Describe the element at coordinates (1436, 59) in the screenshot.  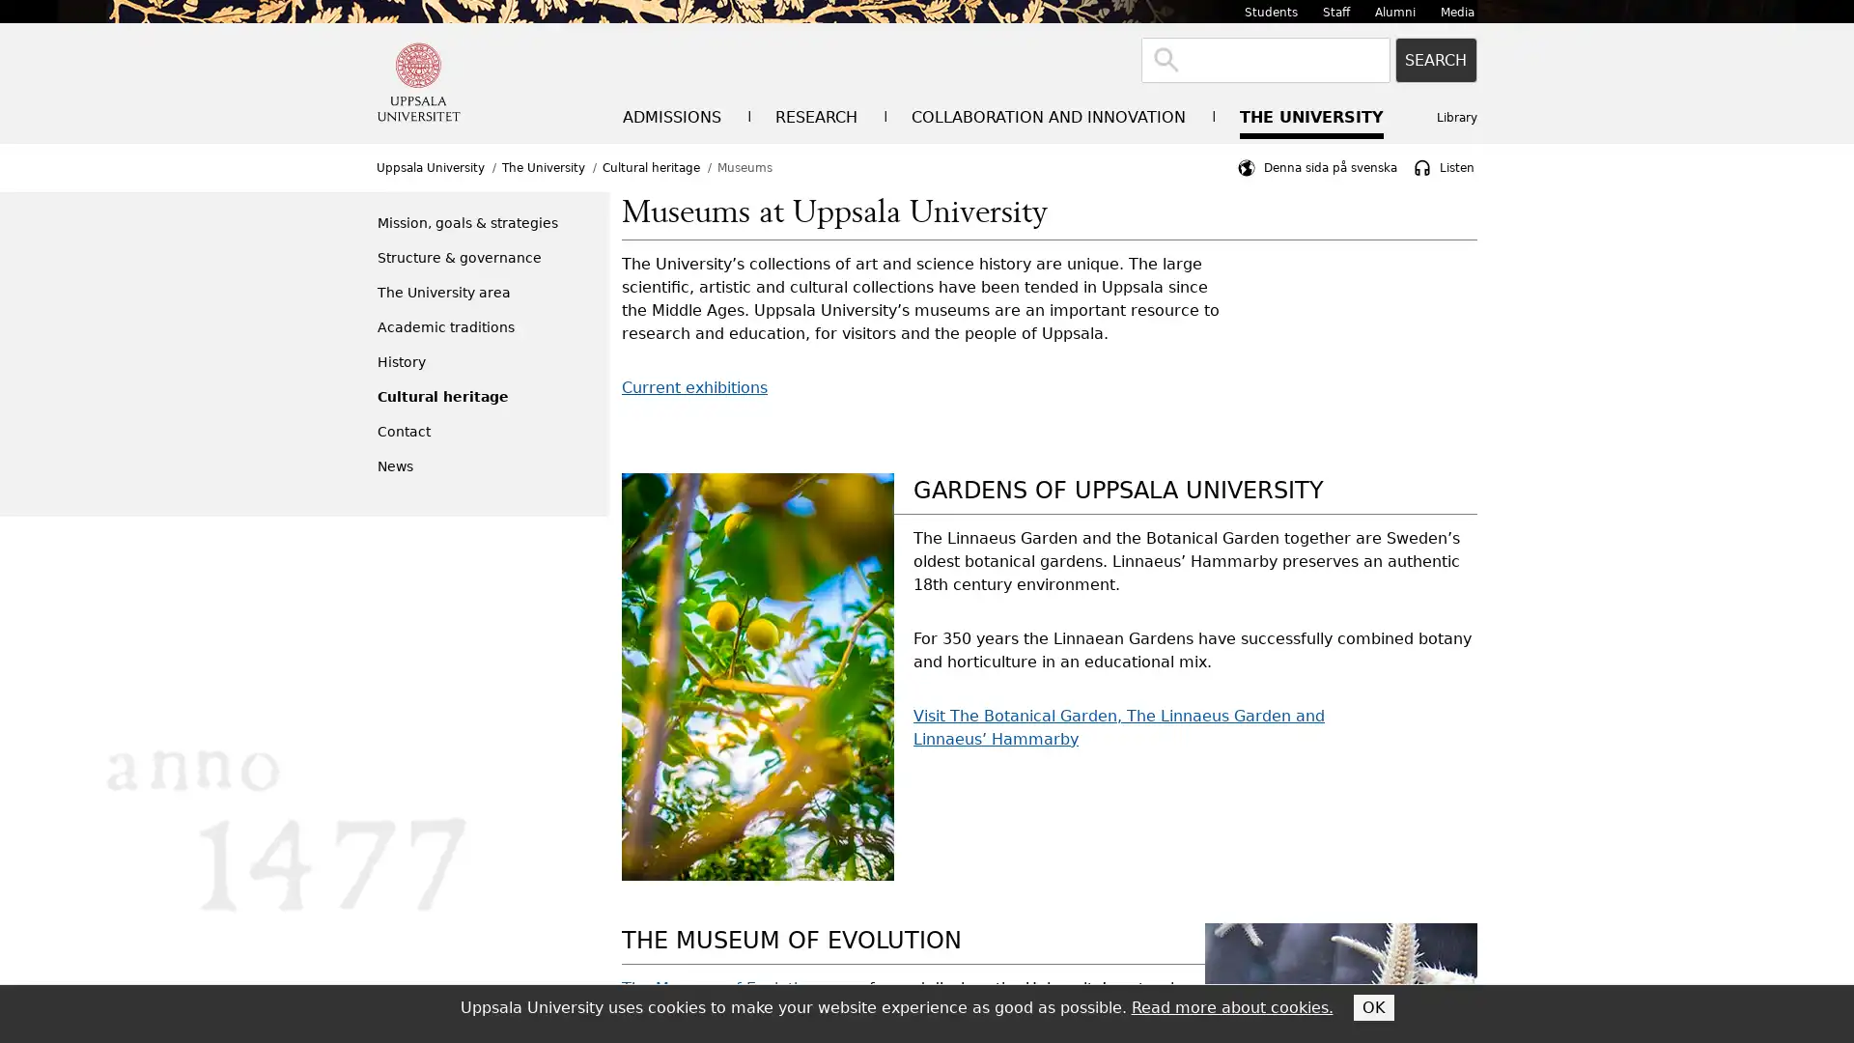
I see `Search` at that location.